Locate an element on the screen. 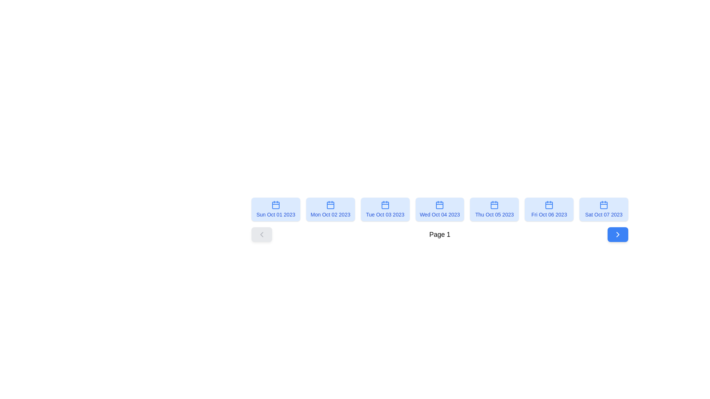 Image resolution: width=710 pixels, height=399 pixels. the blue calendar icon with a round-cornered rectangular frame, located in the seventh cell labeled 'Sat Oct 07 2023' is located at coordinates (604, 205).